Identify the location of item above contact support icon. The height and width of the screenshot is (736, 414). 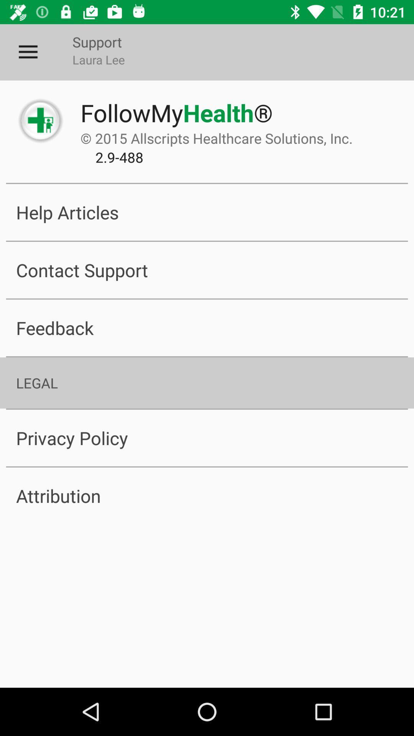
(207, 212).